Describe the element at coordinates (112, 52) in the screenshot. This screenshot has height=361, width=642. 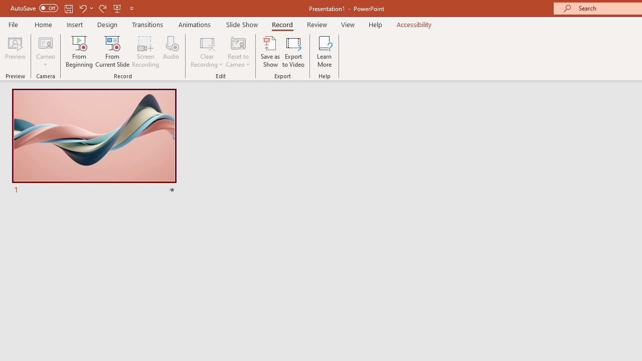
I see `'From Current Slide...'` at that location.